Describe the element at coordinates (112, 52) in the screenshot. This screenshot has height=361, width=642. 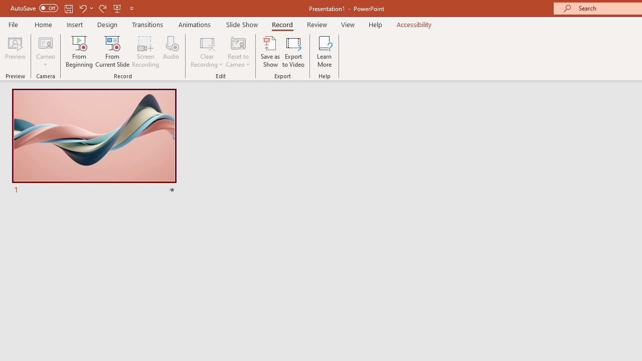
I see `'From Current Slide...'` at that location.